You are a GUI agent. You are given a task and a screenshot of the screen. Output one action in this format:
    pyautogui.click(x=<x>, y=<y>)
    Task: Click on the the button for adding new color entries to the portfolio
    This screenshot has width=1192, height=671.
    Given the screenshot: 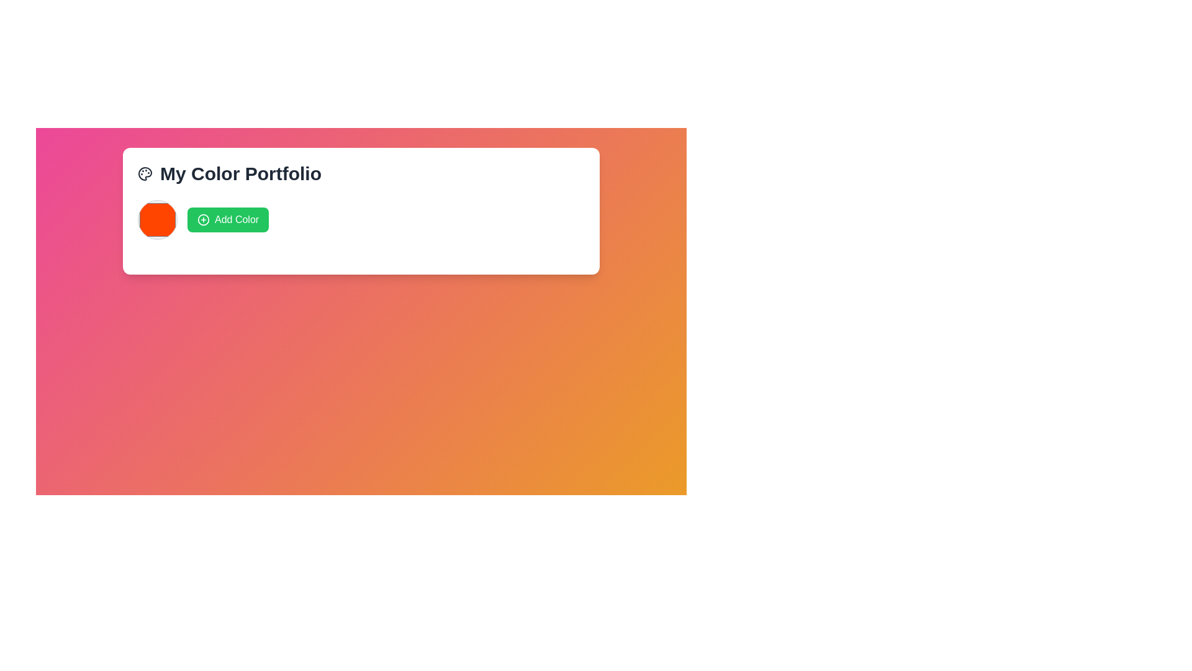 What is the action you would take?
    pyautogui.click(x=228, y=219)
    